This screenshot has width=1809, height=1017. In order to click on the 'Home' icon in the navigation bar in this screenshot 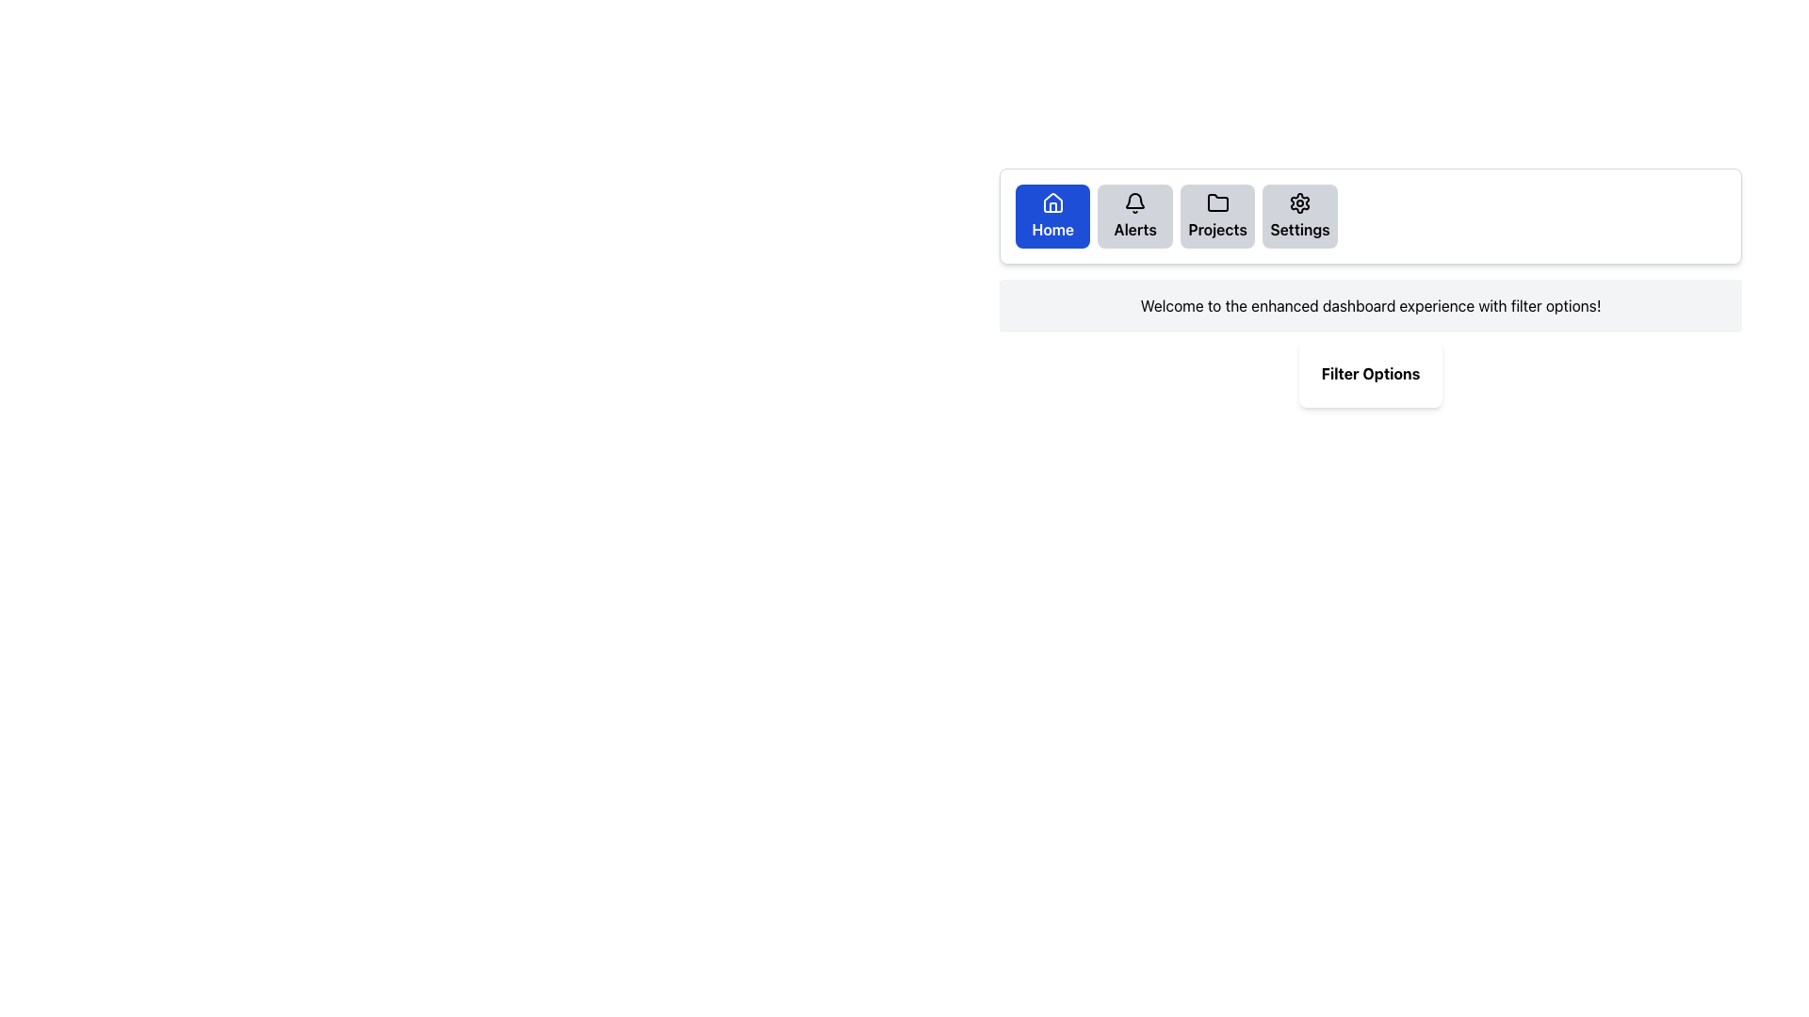, I will do `click(1051, 202)`.